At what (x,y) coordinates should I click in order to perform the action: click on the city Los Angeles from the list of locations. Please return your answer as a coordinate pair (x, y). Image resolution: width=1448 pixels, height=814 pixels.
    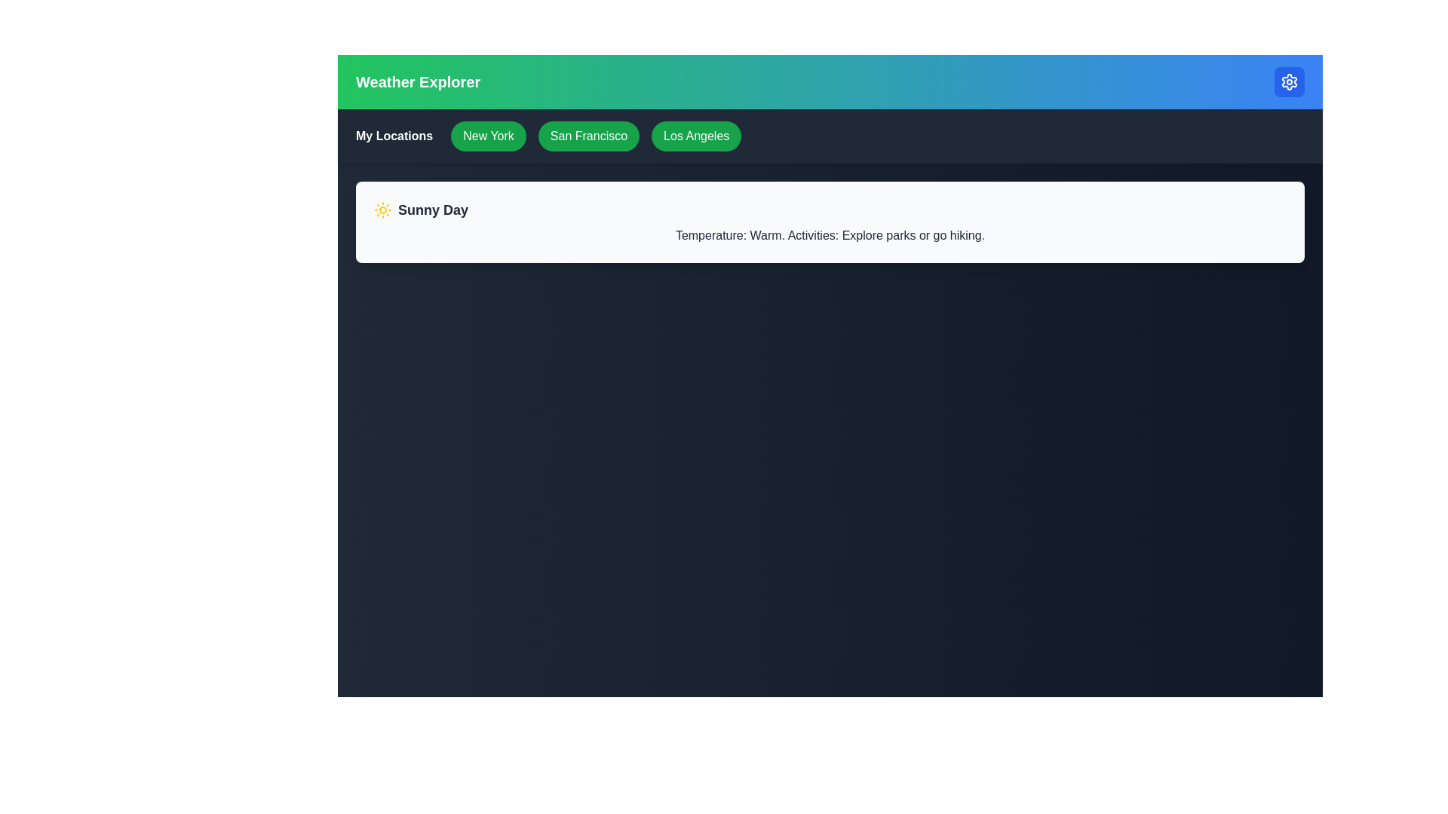
    Looking at the image, I should click on (696, 136).